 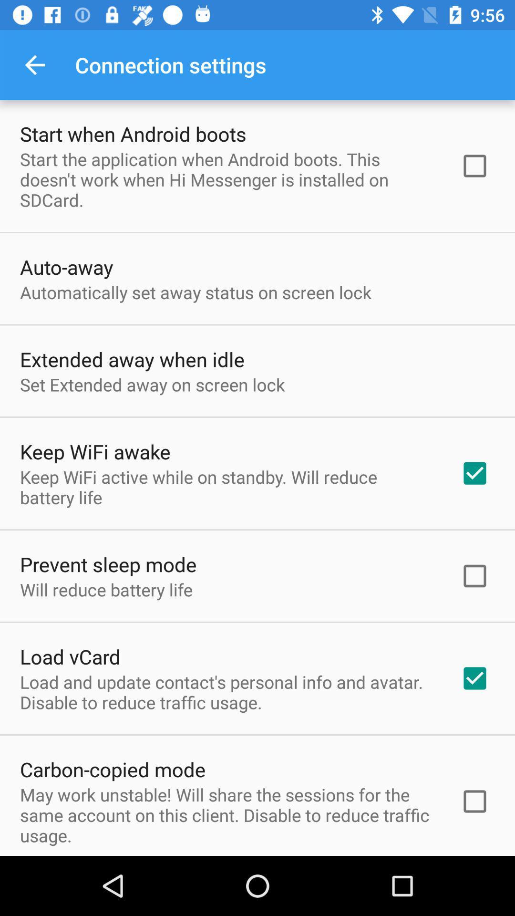 I want to click on the app next to connection settings, so click(x=34, y=64).